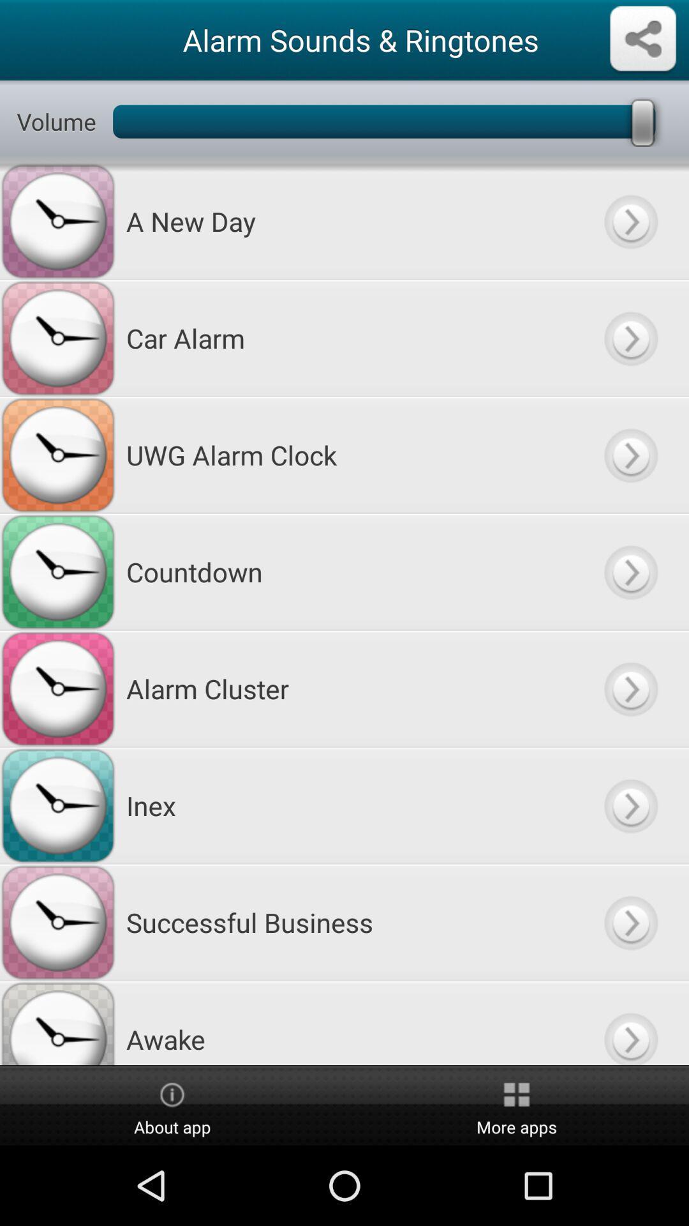 This screenshot has height=1226, width=689. I want to click on share, so click(642, 40).